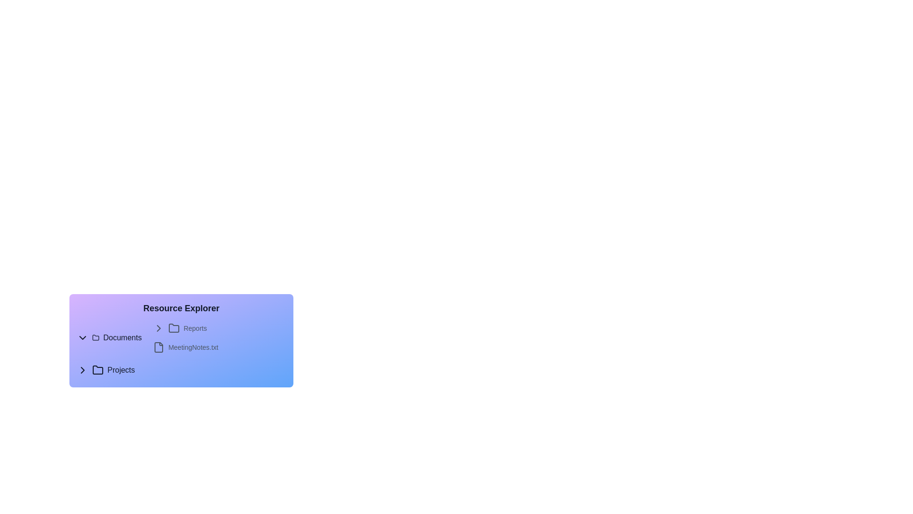  I want to click on the 'MeetingNotes.txt' file item within the 'Reports' folder section of the Resource Explorer, so click(219, 347).